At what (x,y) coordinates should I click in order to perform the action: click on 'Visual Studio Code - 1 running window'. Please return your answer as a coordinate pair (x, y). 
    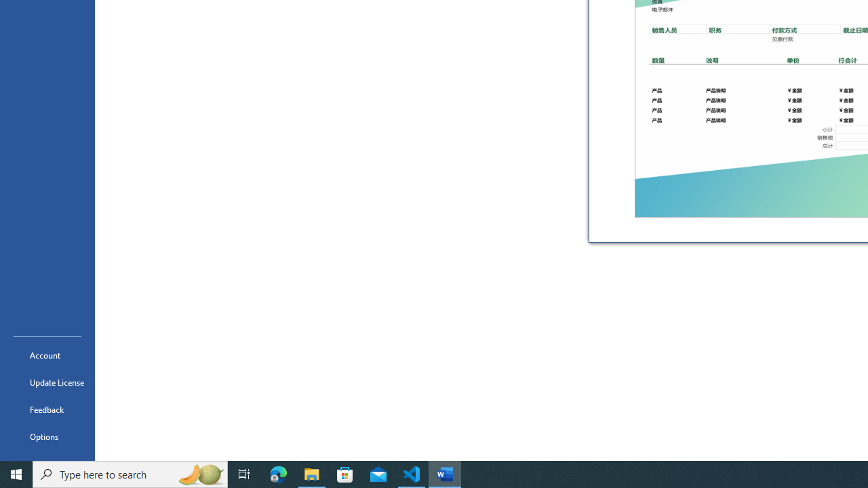
    Looking at the image, I should click on (411, 473).